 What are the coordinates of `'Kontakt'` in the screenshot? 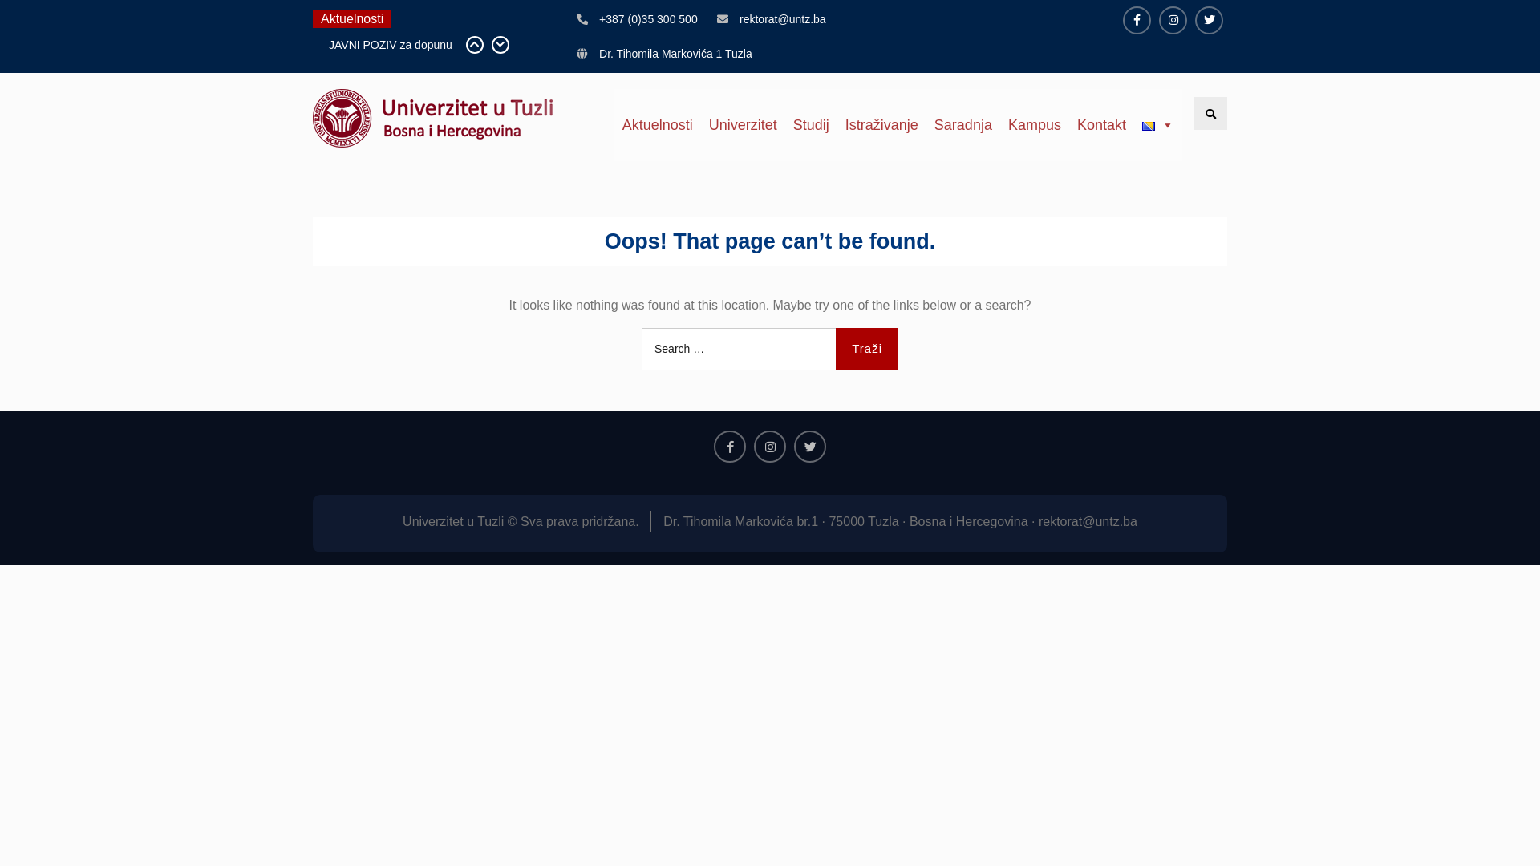 It's located at (1100, 123).